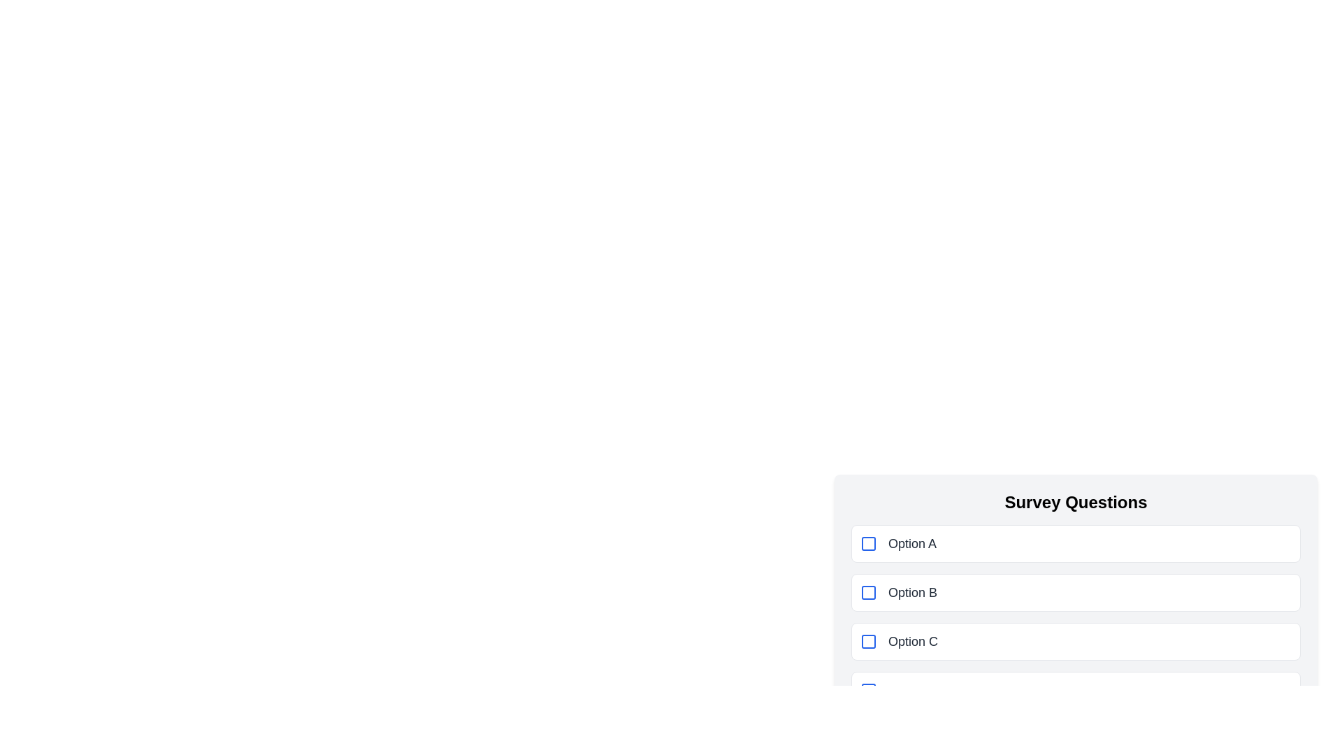  What do you see at coordinates (868, 543) in the screenshot?
I see `the checkbox indicator located to the left of the text 'Option A' in the first option's row of the survey question list` at bounding box center [868, 543].